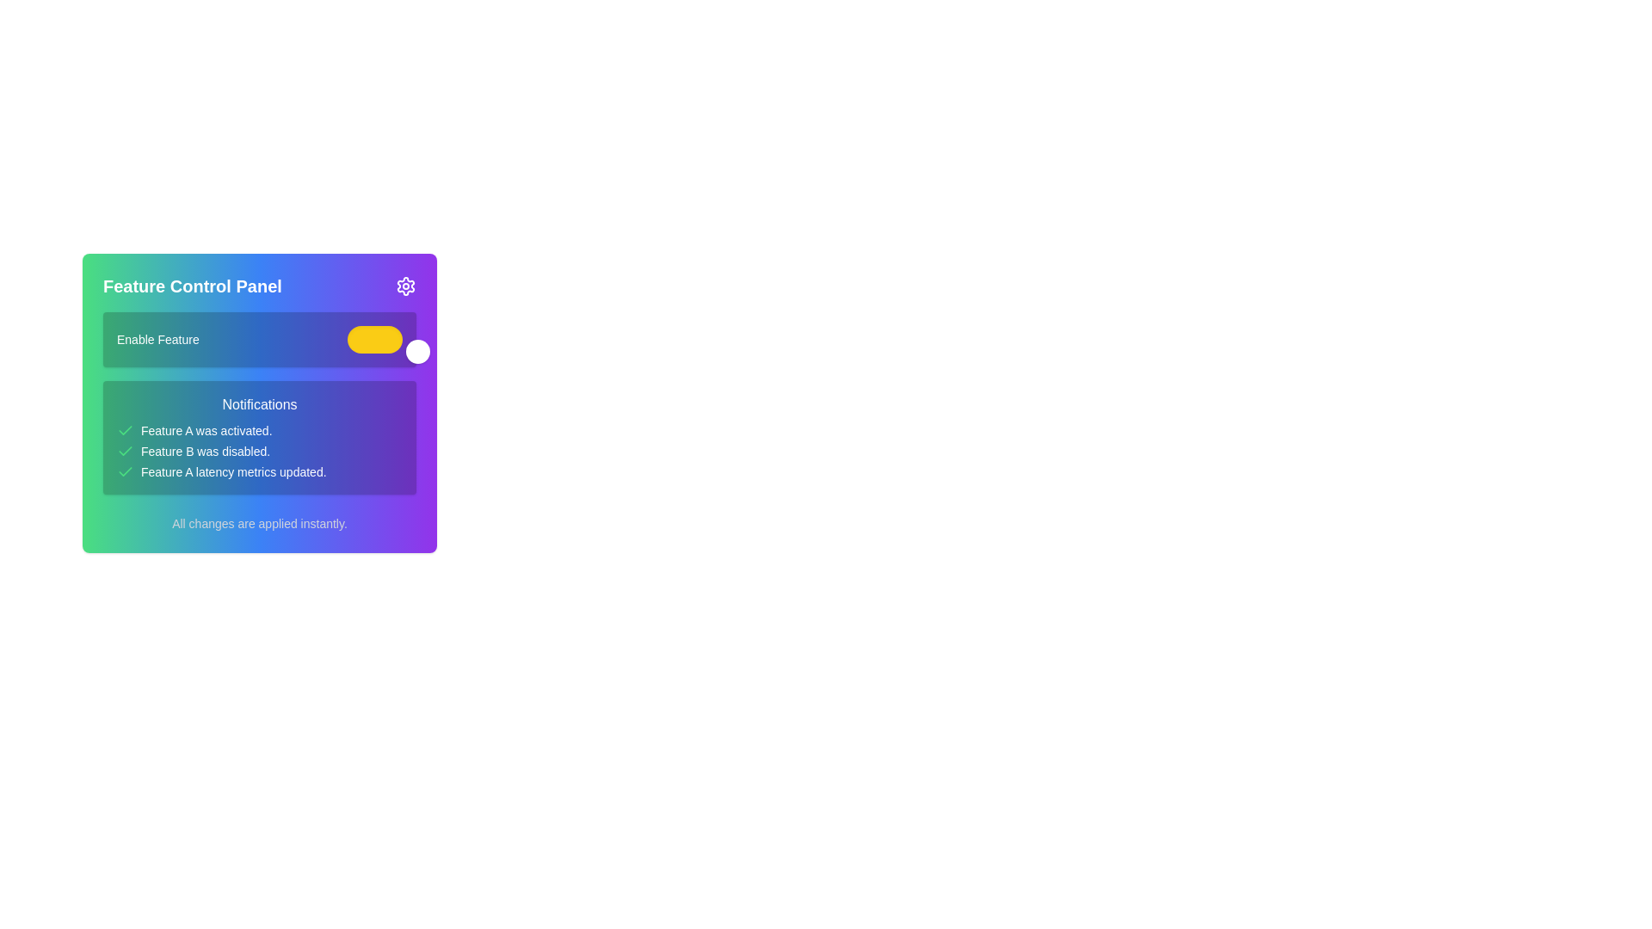 Image resolution: width=1652 pixels, height=929 pixels. I want to click on the circular white handle of the toggle switch located on the rightmost side of the yellow toggle switch in the 'Feature Control Panel', so click(417, 350).